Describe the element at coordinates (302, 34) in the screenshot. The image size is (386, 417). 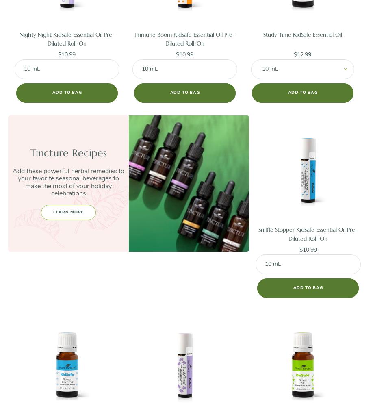
I see `'Study Time KidSafe Essential Oil'` at that location.